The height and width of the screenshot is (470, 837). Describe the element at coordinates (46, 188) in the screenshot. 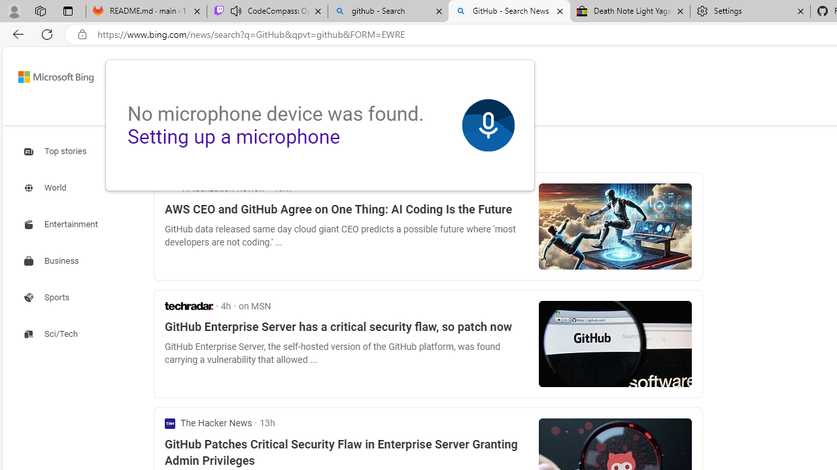

I see `'Search news about World'` at that location.